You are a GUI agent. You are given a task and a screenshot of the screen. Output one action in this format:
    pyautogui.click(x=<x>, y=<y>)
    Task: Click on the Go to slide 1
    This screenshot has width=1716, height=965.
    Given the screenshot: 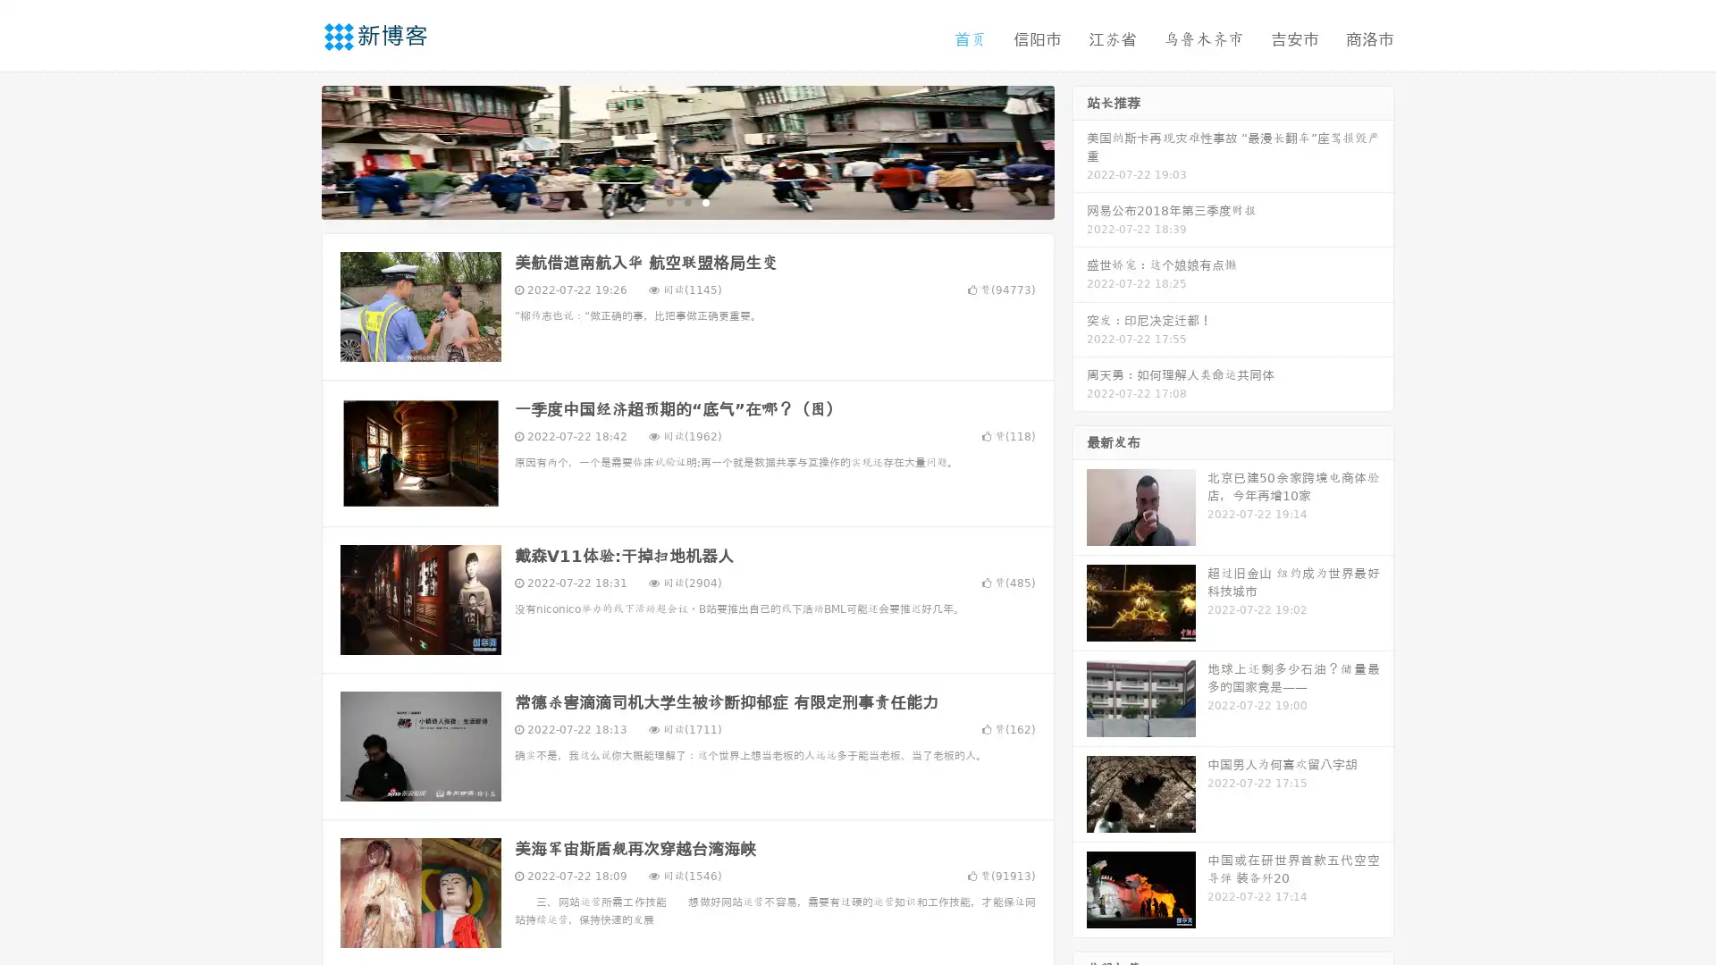 What is the action you would take?
    pyautogui.click(x=669, y=201)
    